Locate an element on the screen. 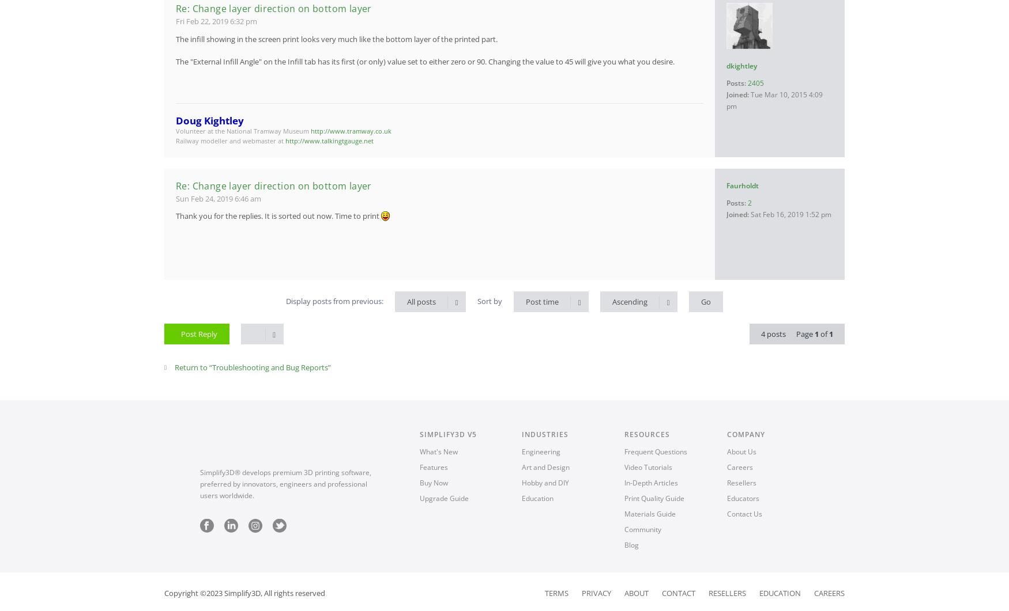  'Education' is located at coordinates (759, 591).